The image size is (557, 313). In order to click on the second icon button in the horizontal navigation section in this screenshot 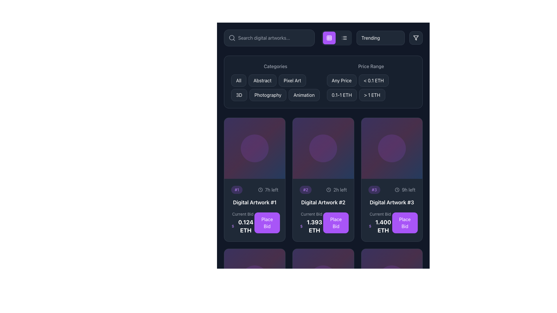, I will do `click(344, 38)`.